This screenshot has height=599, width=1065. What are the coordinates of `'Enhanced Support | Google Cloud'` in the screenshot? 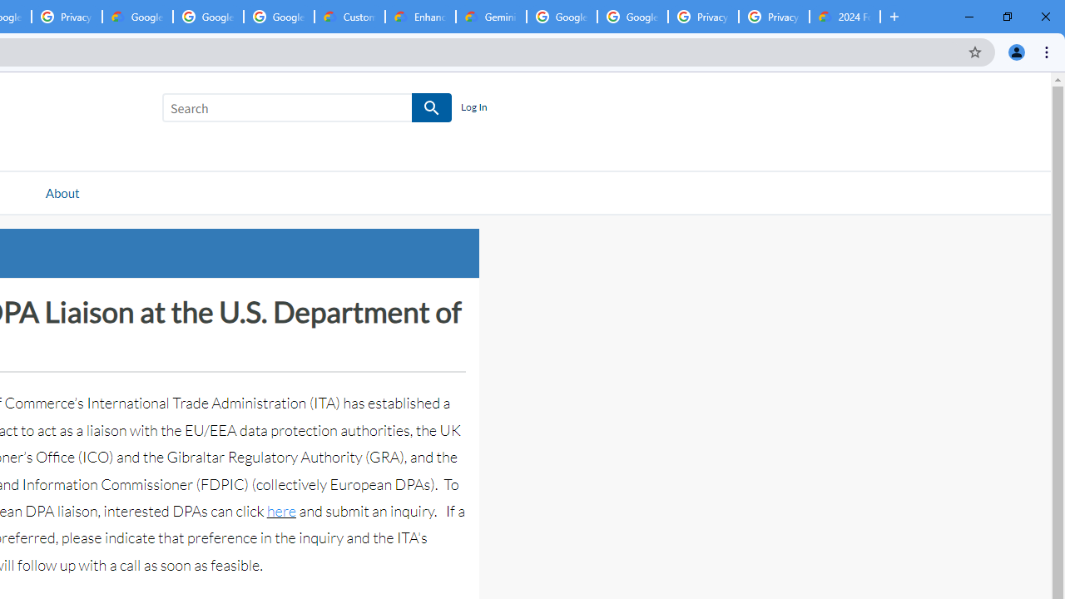 It's located at (420, 17).